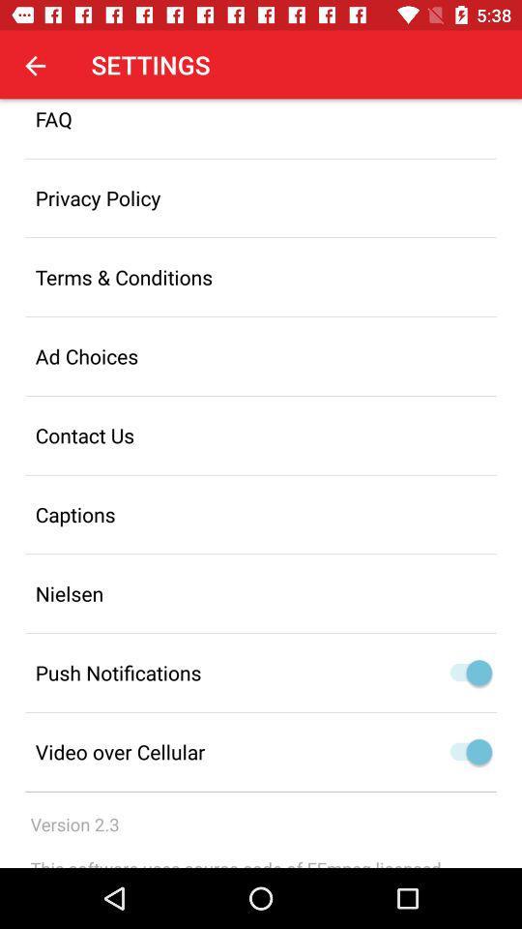  Describe the element at coordinates (73, 824) in the screenshot. I see `the item above this software uses item` at that location.